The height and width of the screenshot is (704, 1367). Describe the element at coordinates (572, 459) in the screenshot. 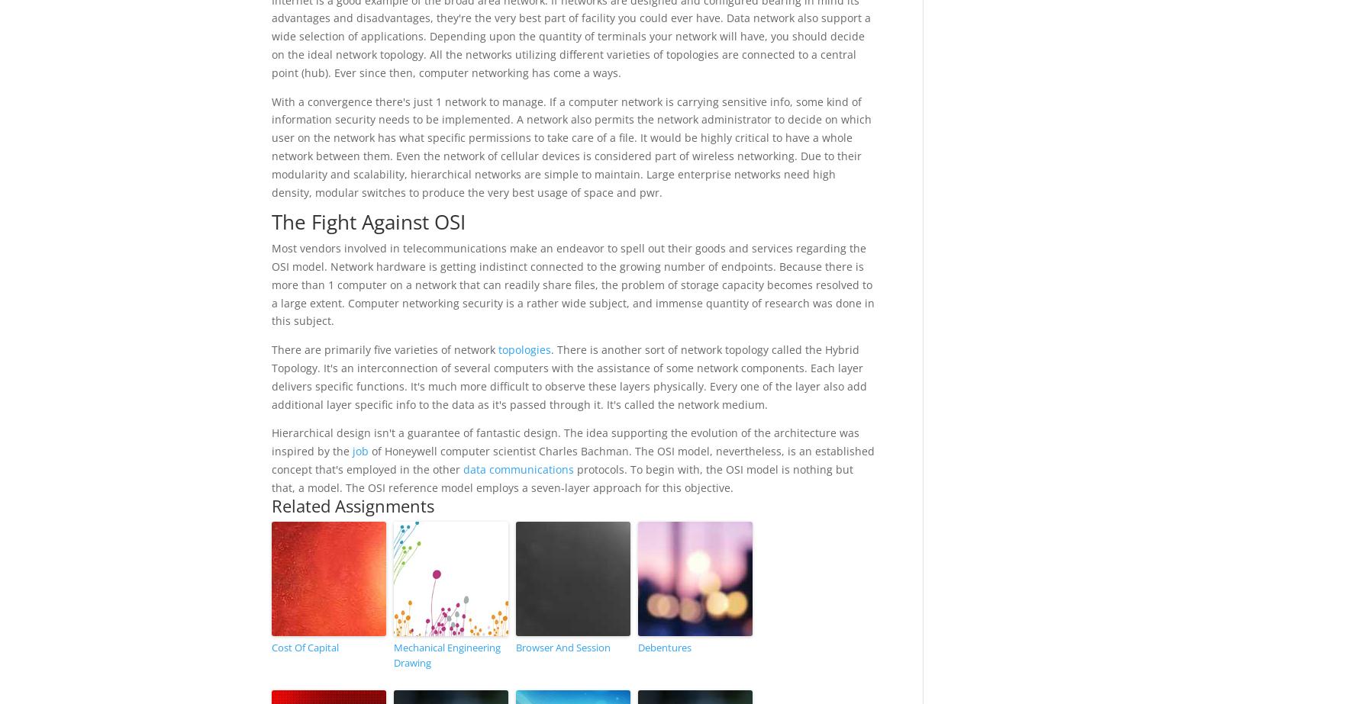

I see `'of Honeywell computer scientist Charles Bachman. The OSI model, nevertheless, is an established concept that's employed in the other'` at that location.